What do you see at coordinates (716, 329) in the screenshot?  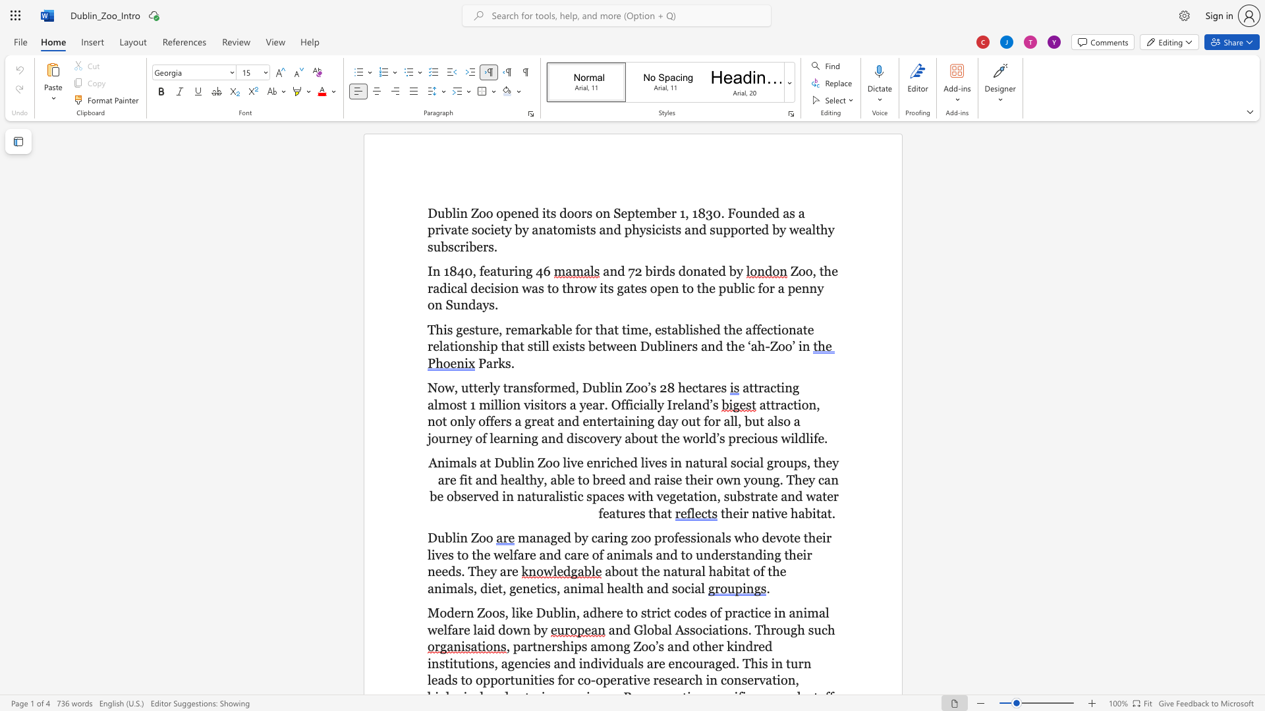 I see `the 1th character "d" in the text` at bounding box center [716, 329].